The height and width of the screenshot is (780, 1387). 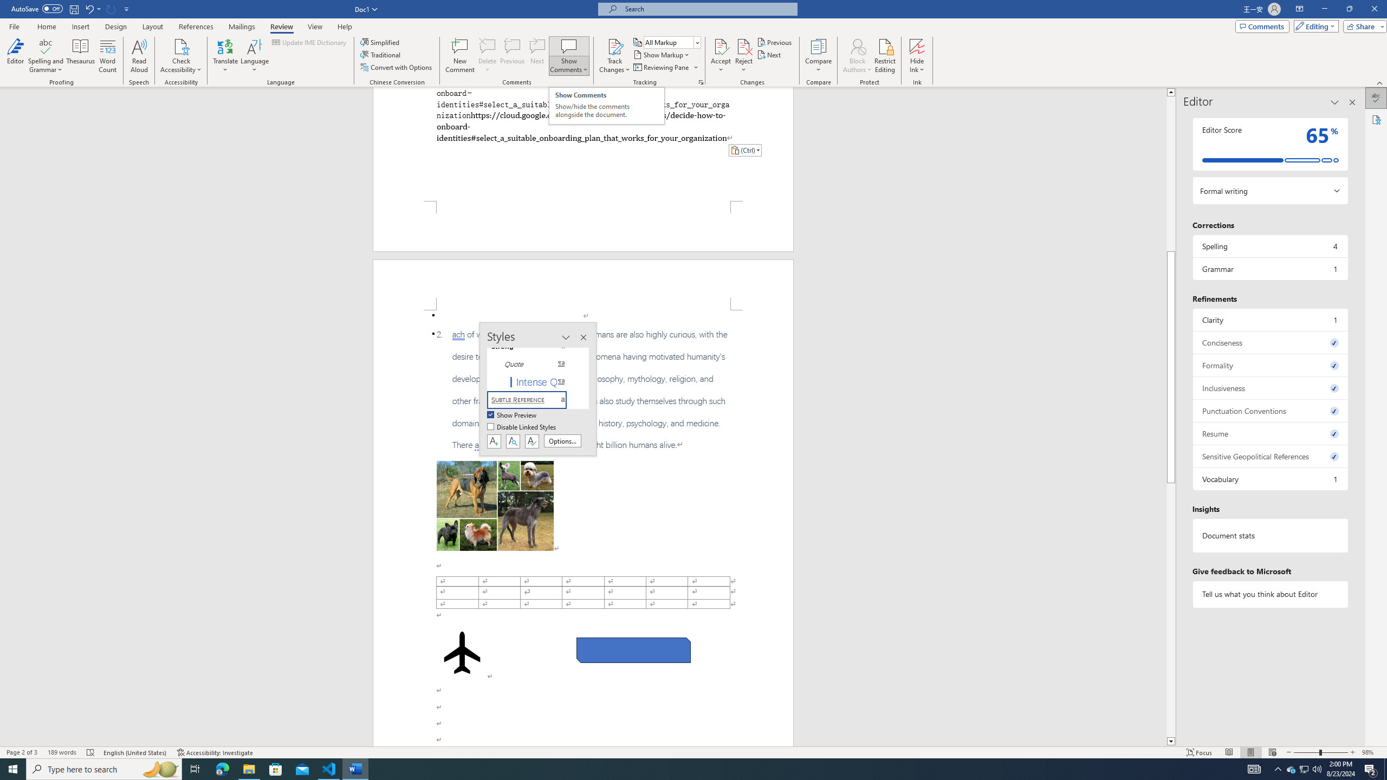 What do you see at coordinates (614, 45) in the screenshot?
I see `'Track Changes'` at bounding box center [614, 45].